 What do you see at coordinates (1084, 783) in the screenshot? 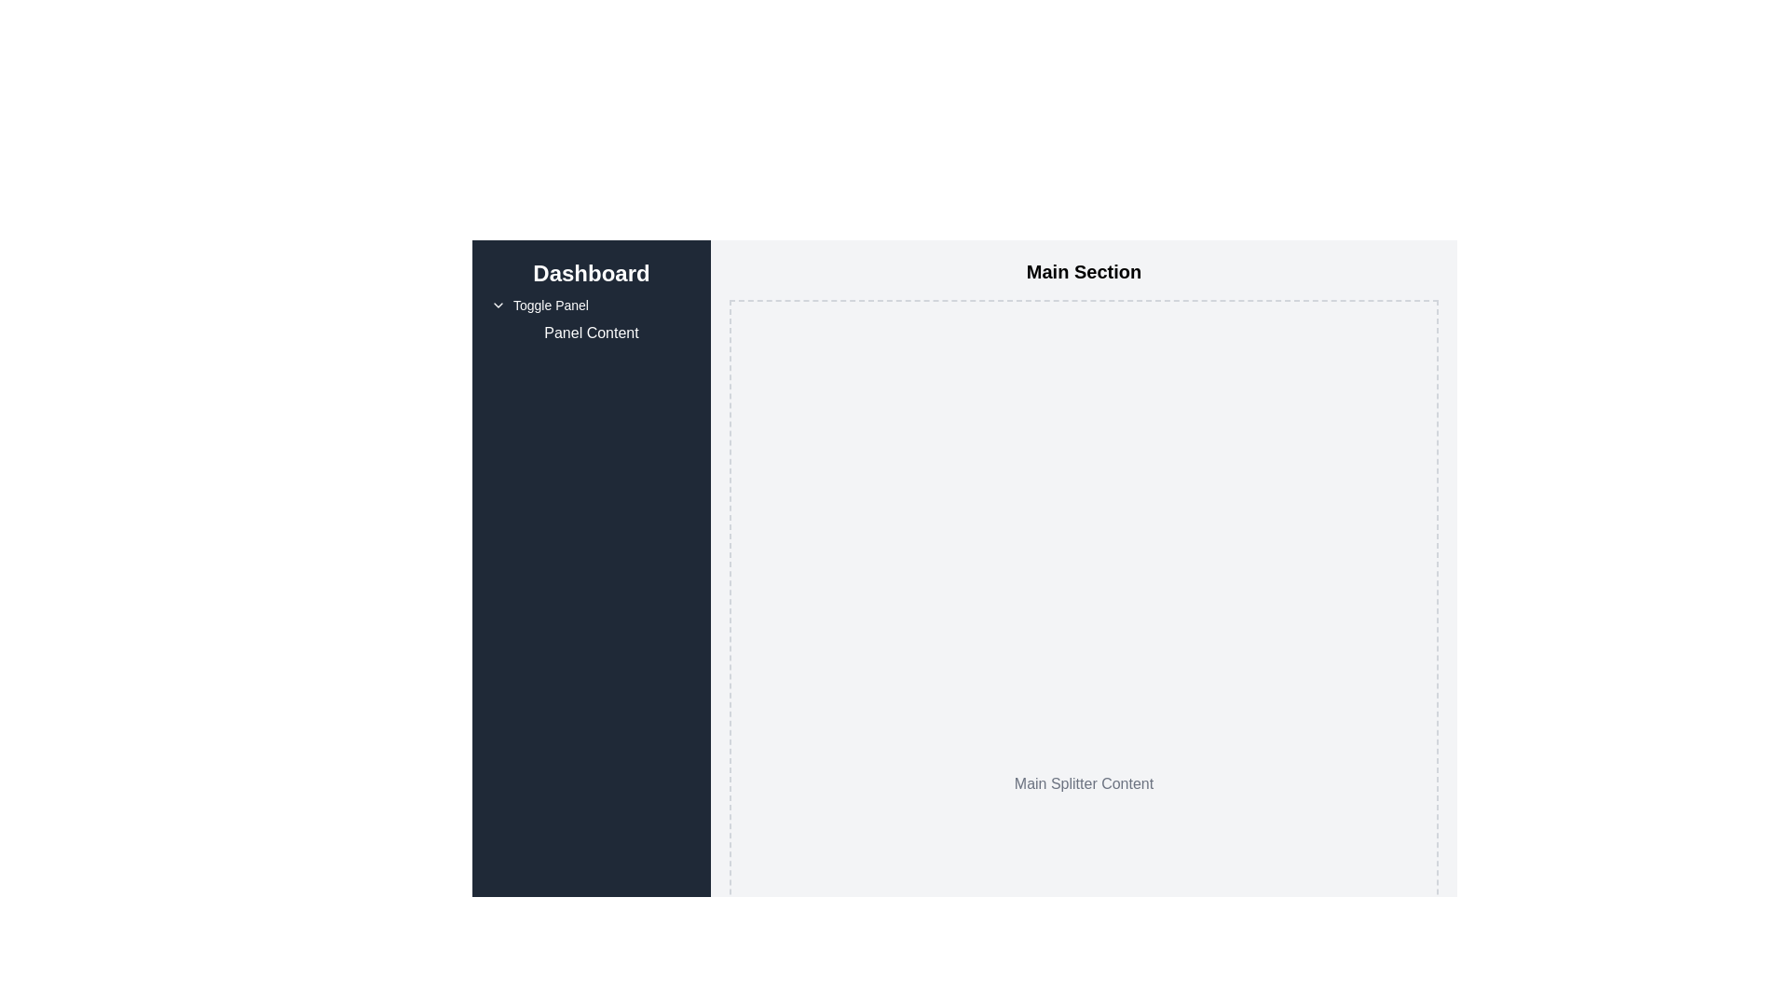
I see `the Static Text Label located near the lower center of the main content area, which serves as a placeholder or description` at bounding box center [1084, 783].